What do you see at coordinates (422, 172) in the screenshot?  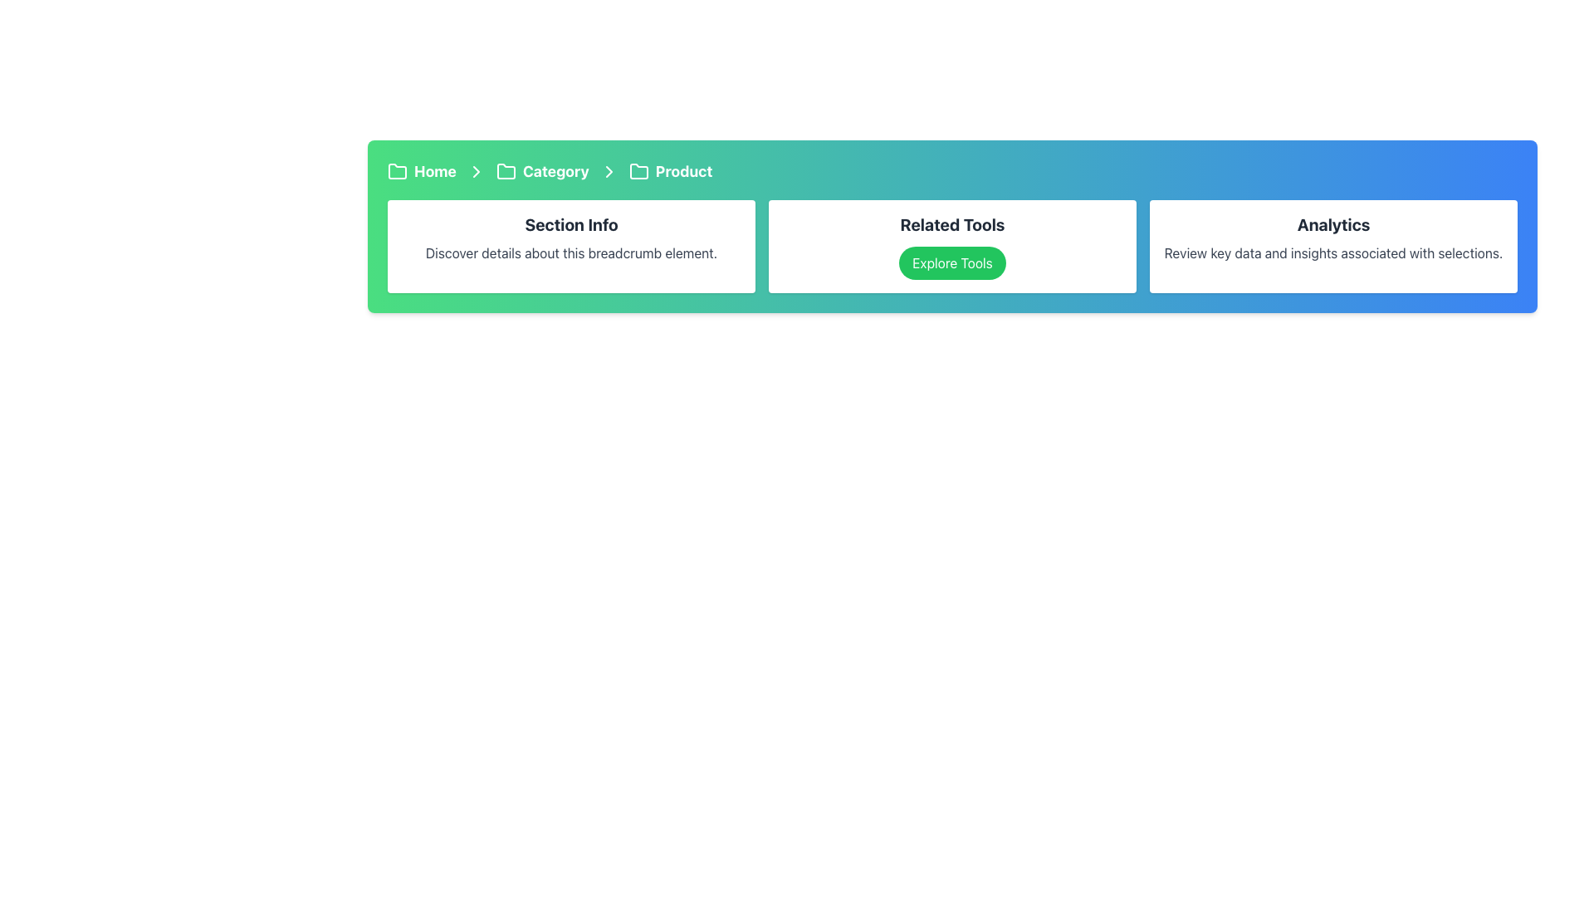 I see `the hyperlink located at the top-left part of the breadcrumb navigation` at bounding box center [422, 172].